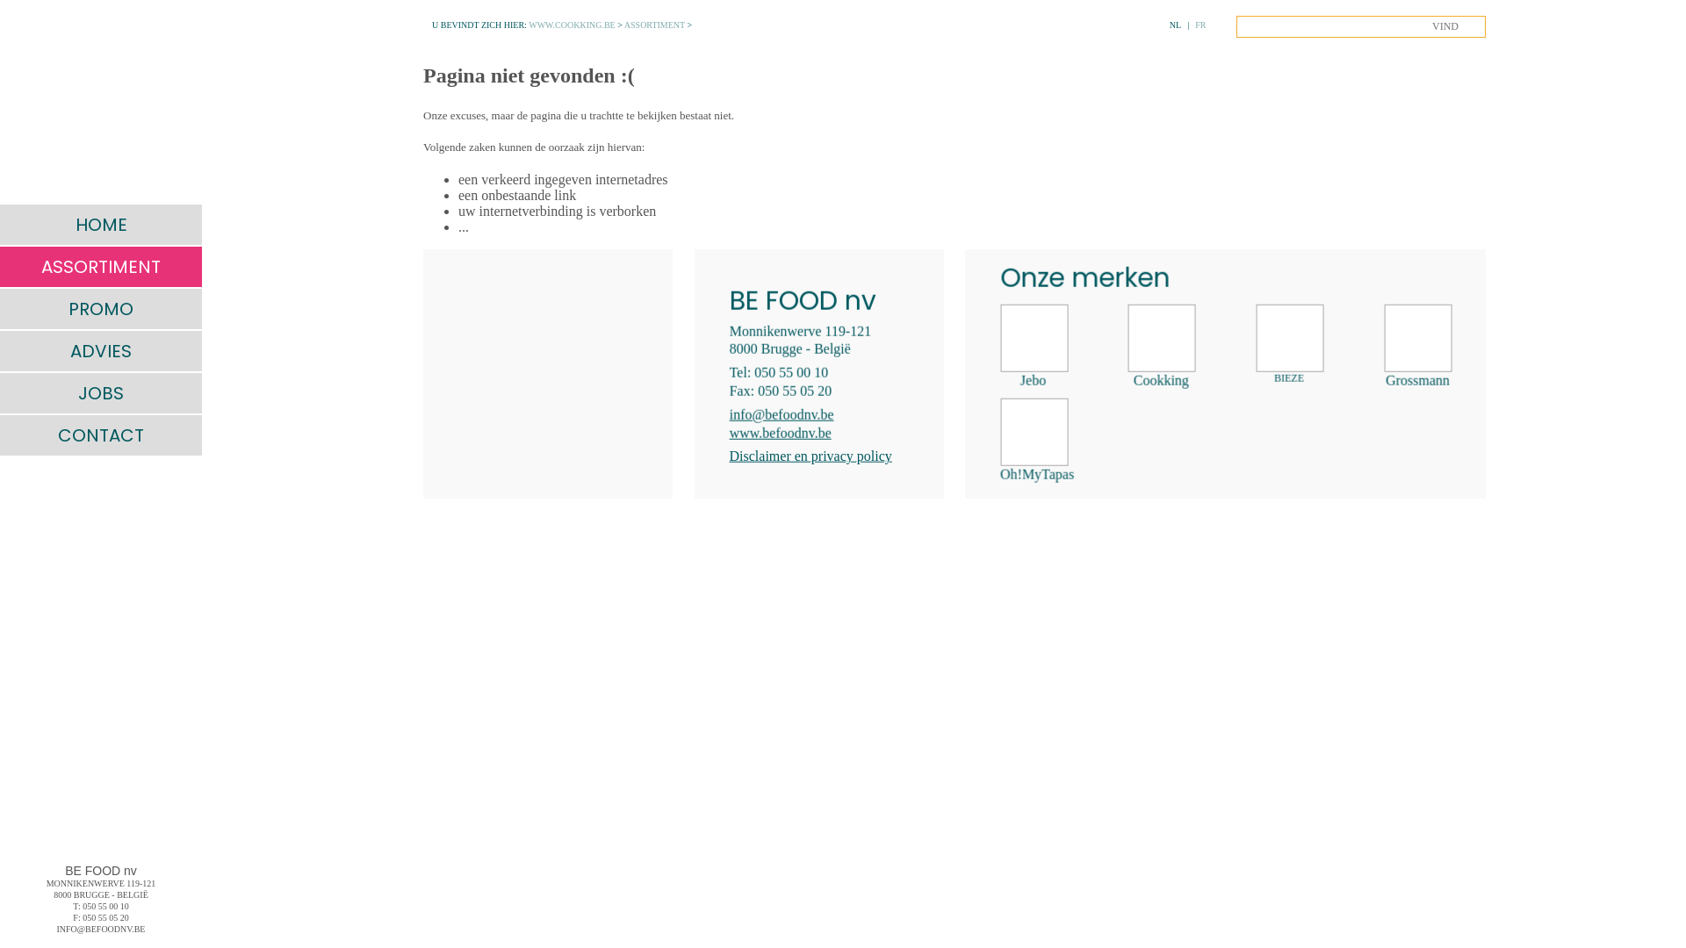 Image resolution: width=1686 pixels, height=948 pixels. What do you see at coordinates (1200, 25) in the screenshot?
I see `'FR'` at bounding box center [1200, 25].